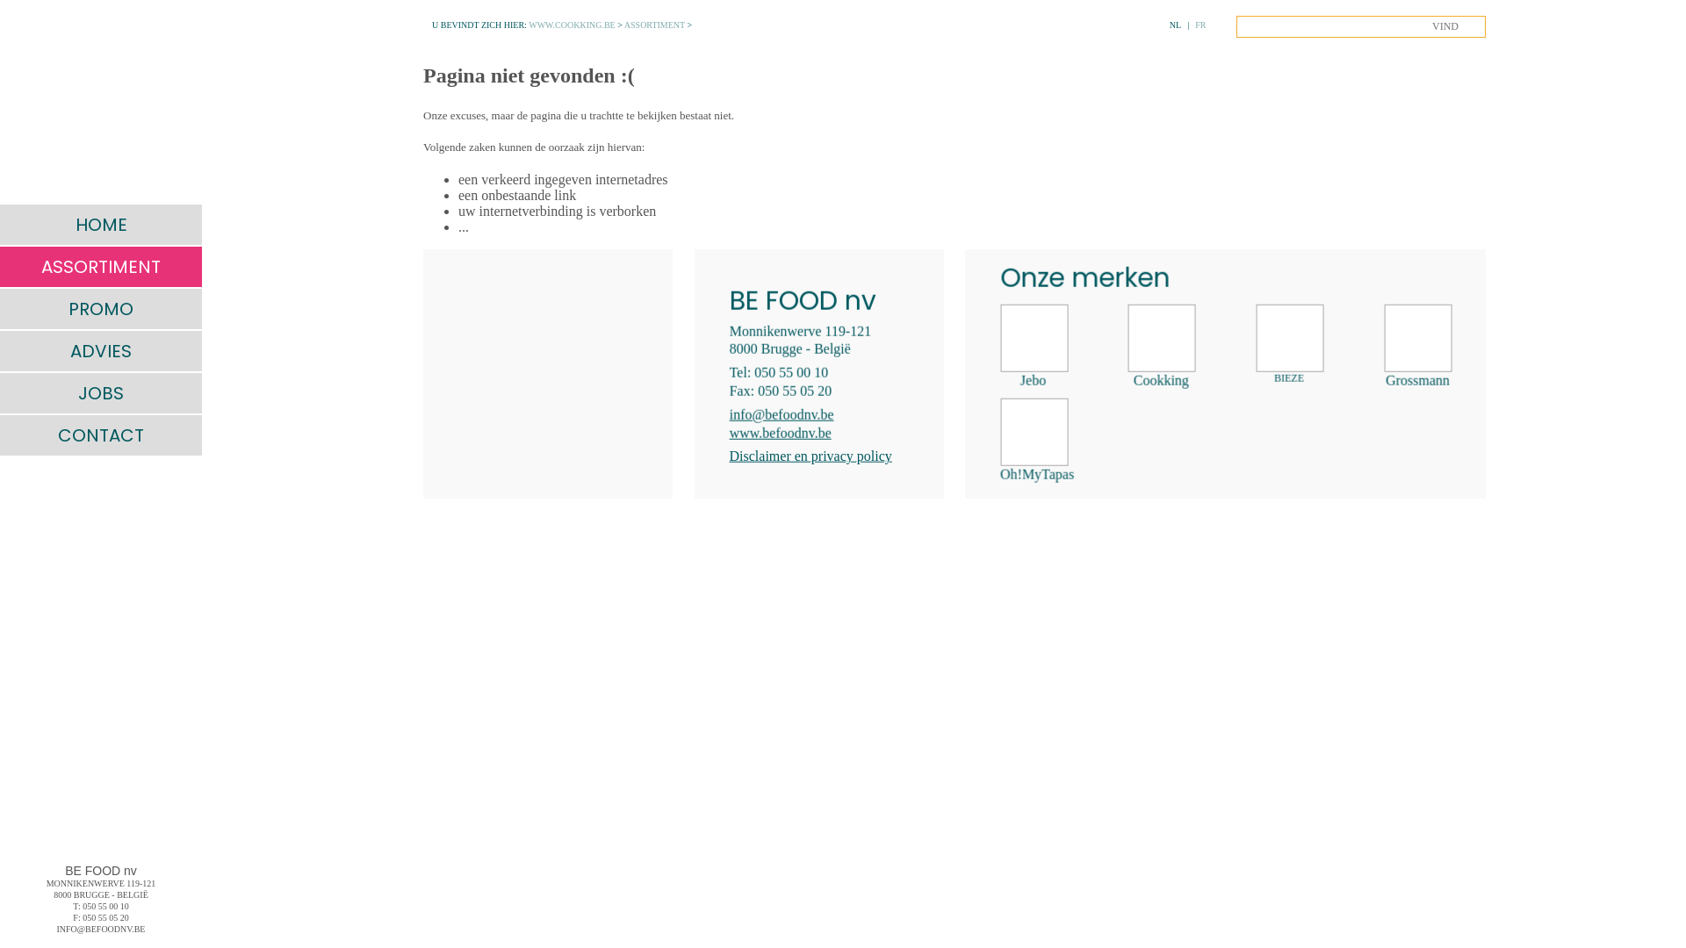 Image resolution: width=1686 pixels, height=948 pixels. What do you see at coordinates (1200, 25) in the screenshot?
I see `'FR'` at bounding box center [1200, 25].